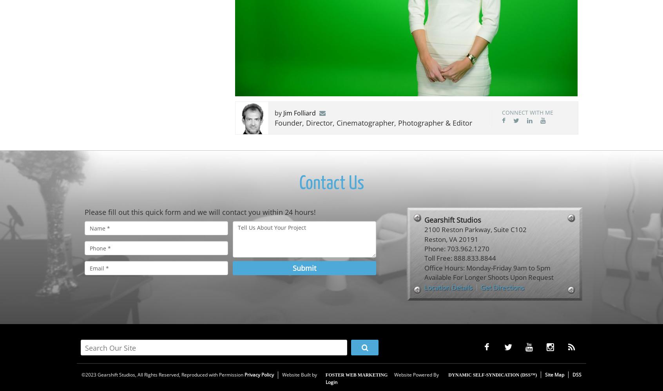  What do you see at coordinates (424, 220) in the screenshot?
I see `'Gearshift Studios'` at bounding box center [424, 220].